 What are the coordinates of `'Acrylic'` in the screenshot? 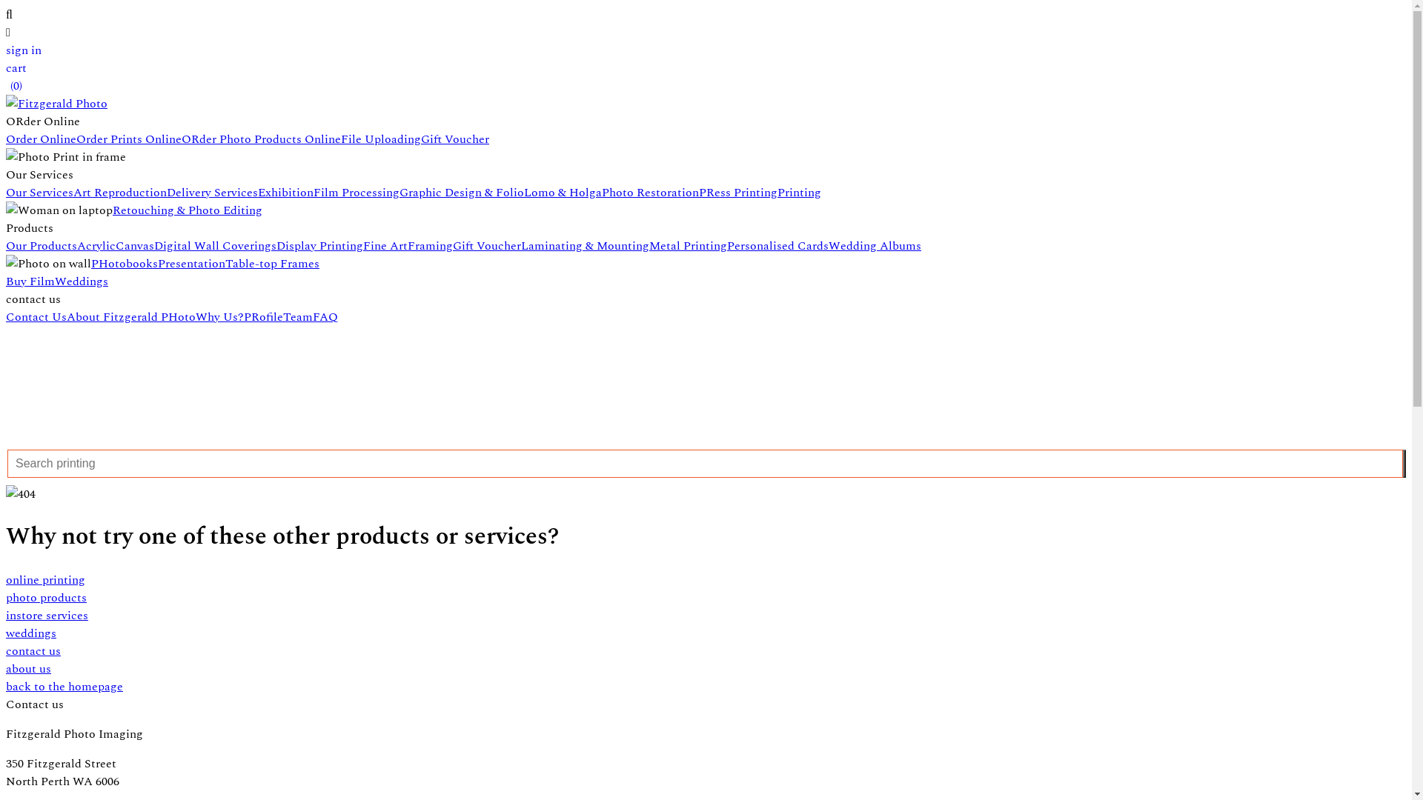 It's located at (95, 244).